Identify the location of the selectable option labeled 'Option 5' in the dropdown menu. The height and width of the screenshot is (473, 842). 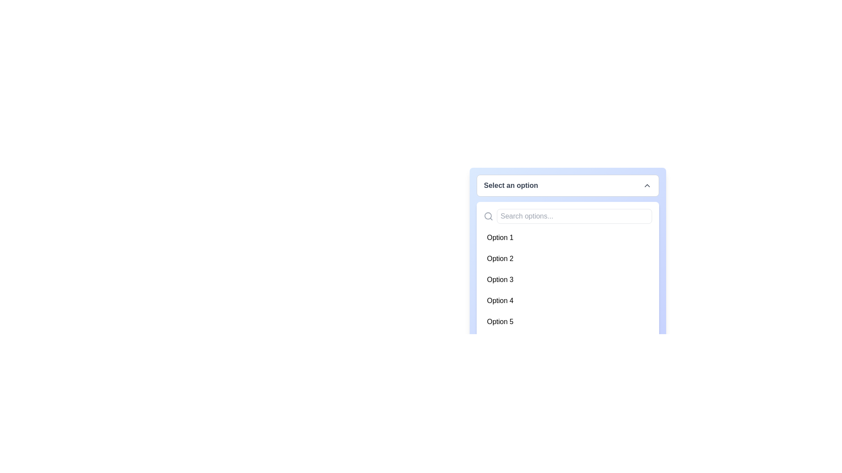
(500, 322).